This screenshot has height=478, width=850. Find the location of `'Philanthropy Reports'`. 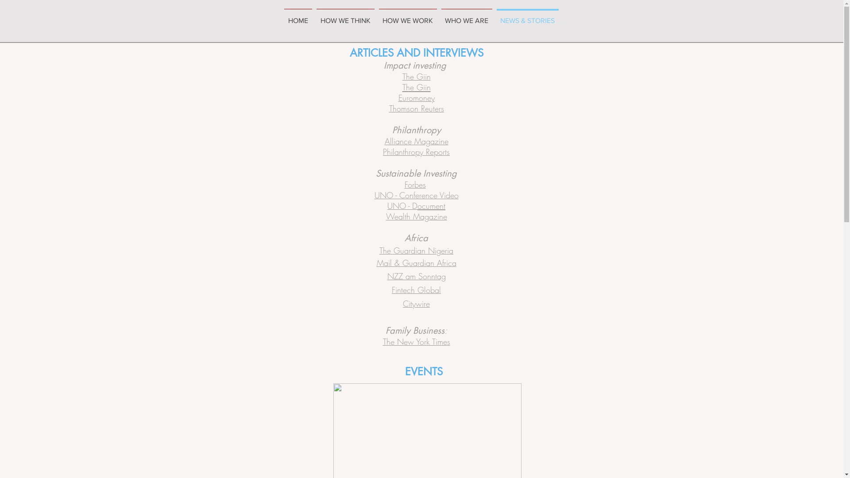

'Philanthropy Reports' is located at coordinates (416, 151).